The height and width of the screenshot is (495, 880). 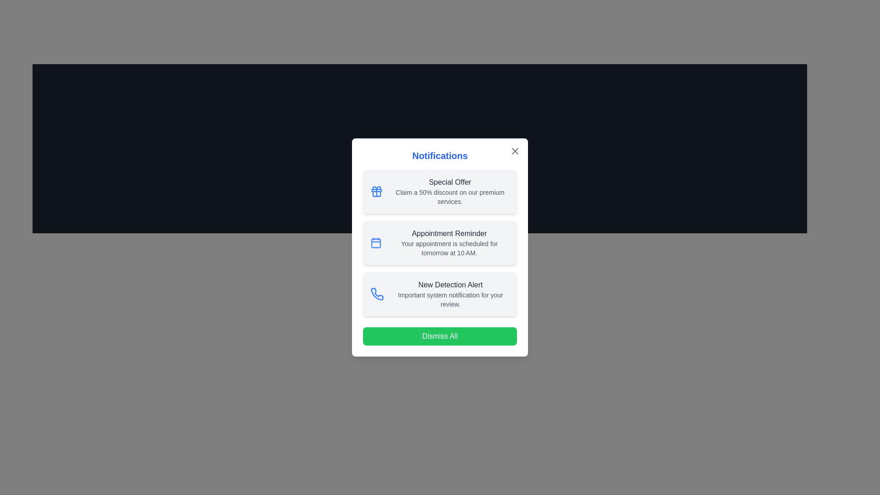 I want to click on the rectangular base of the gift icon located in the 'Special Offer' section of the notification card, so click(x=376, y=193).